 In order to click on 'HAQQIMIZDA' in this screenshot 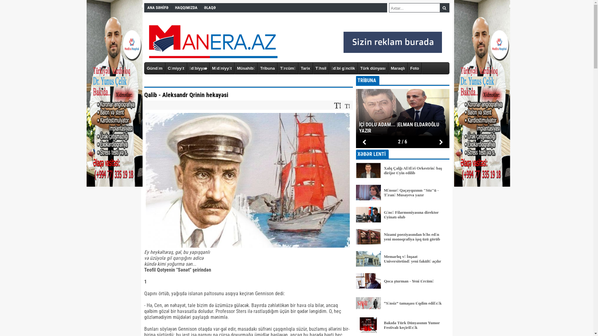, I will do `click(186, 7)`.